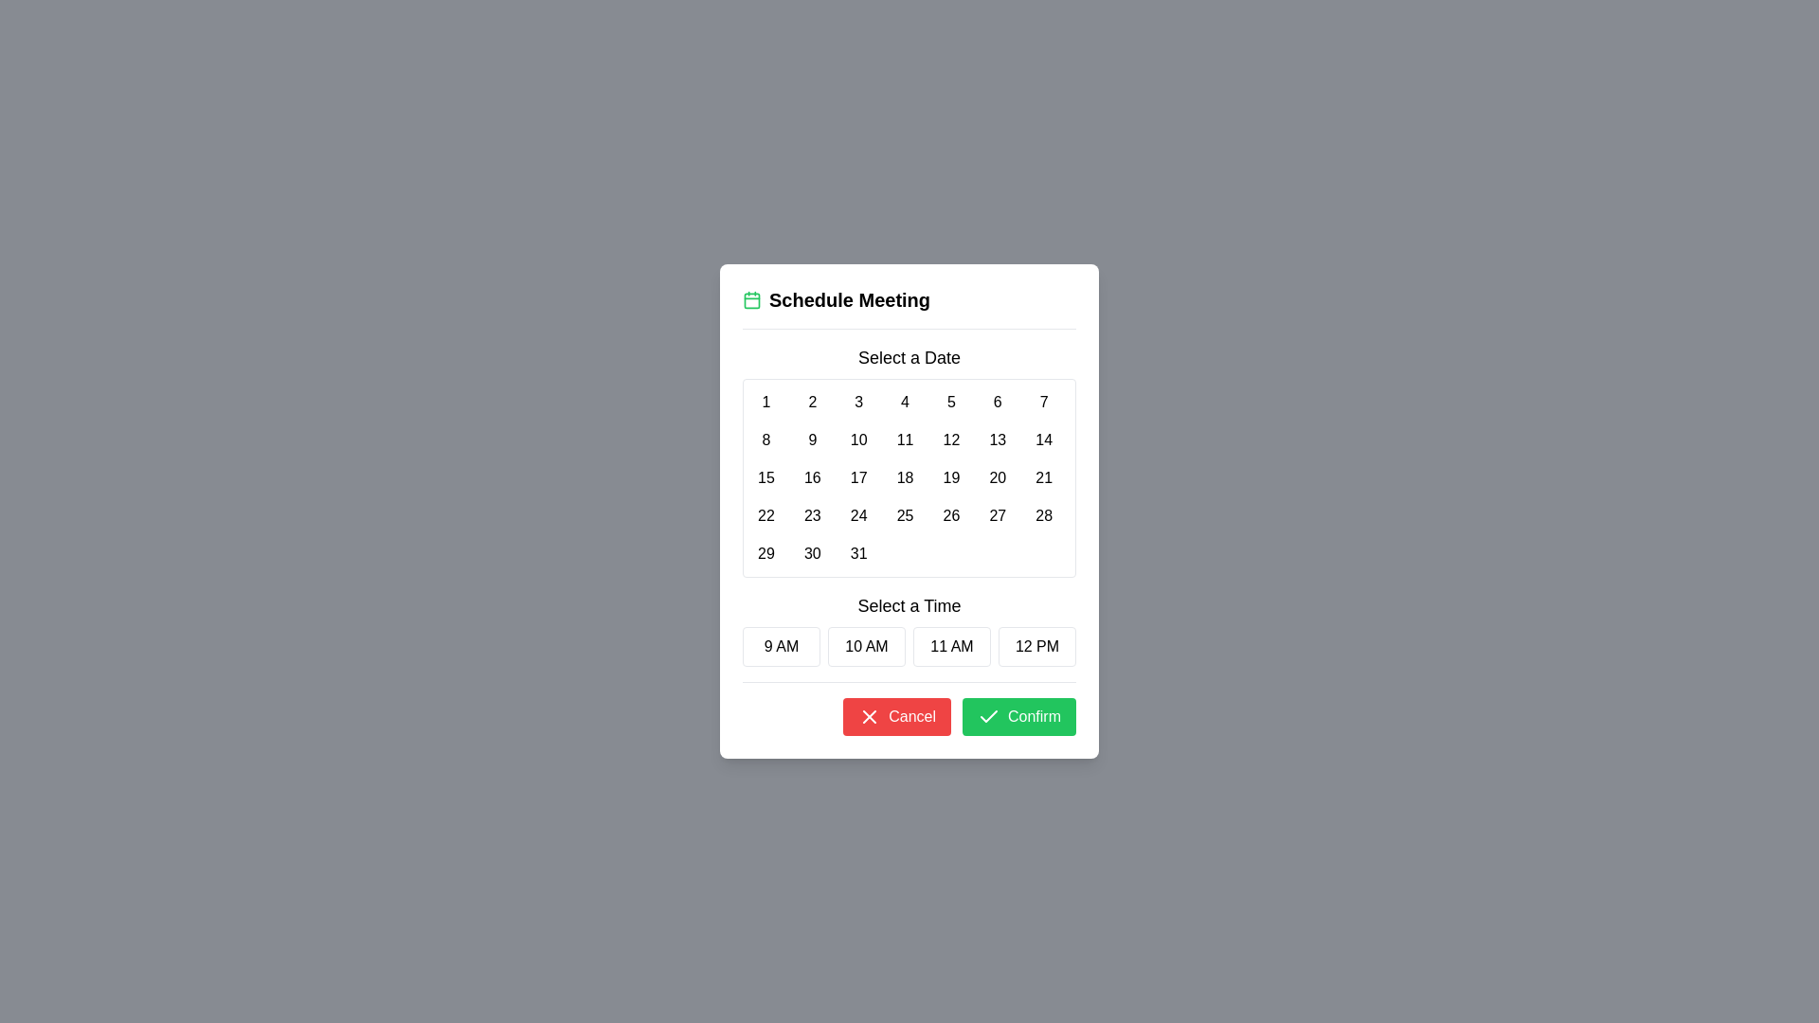 The width and height of the screenshot is (1819, 1023). What do you see at coordinates (909, 477) in the screenshot?
I see `the specific date within the calendar grid located below the 'Select a Date' header and above the 'Select a Time' section` at bounding box center [909, 477].